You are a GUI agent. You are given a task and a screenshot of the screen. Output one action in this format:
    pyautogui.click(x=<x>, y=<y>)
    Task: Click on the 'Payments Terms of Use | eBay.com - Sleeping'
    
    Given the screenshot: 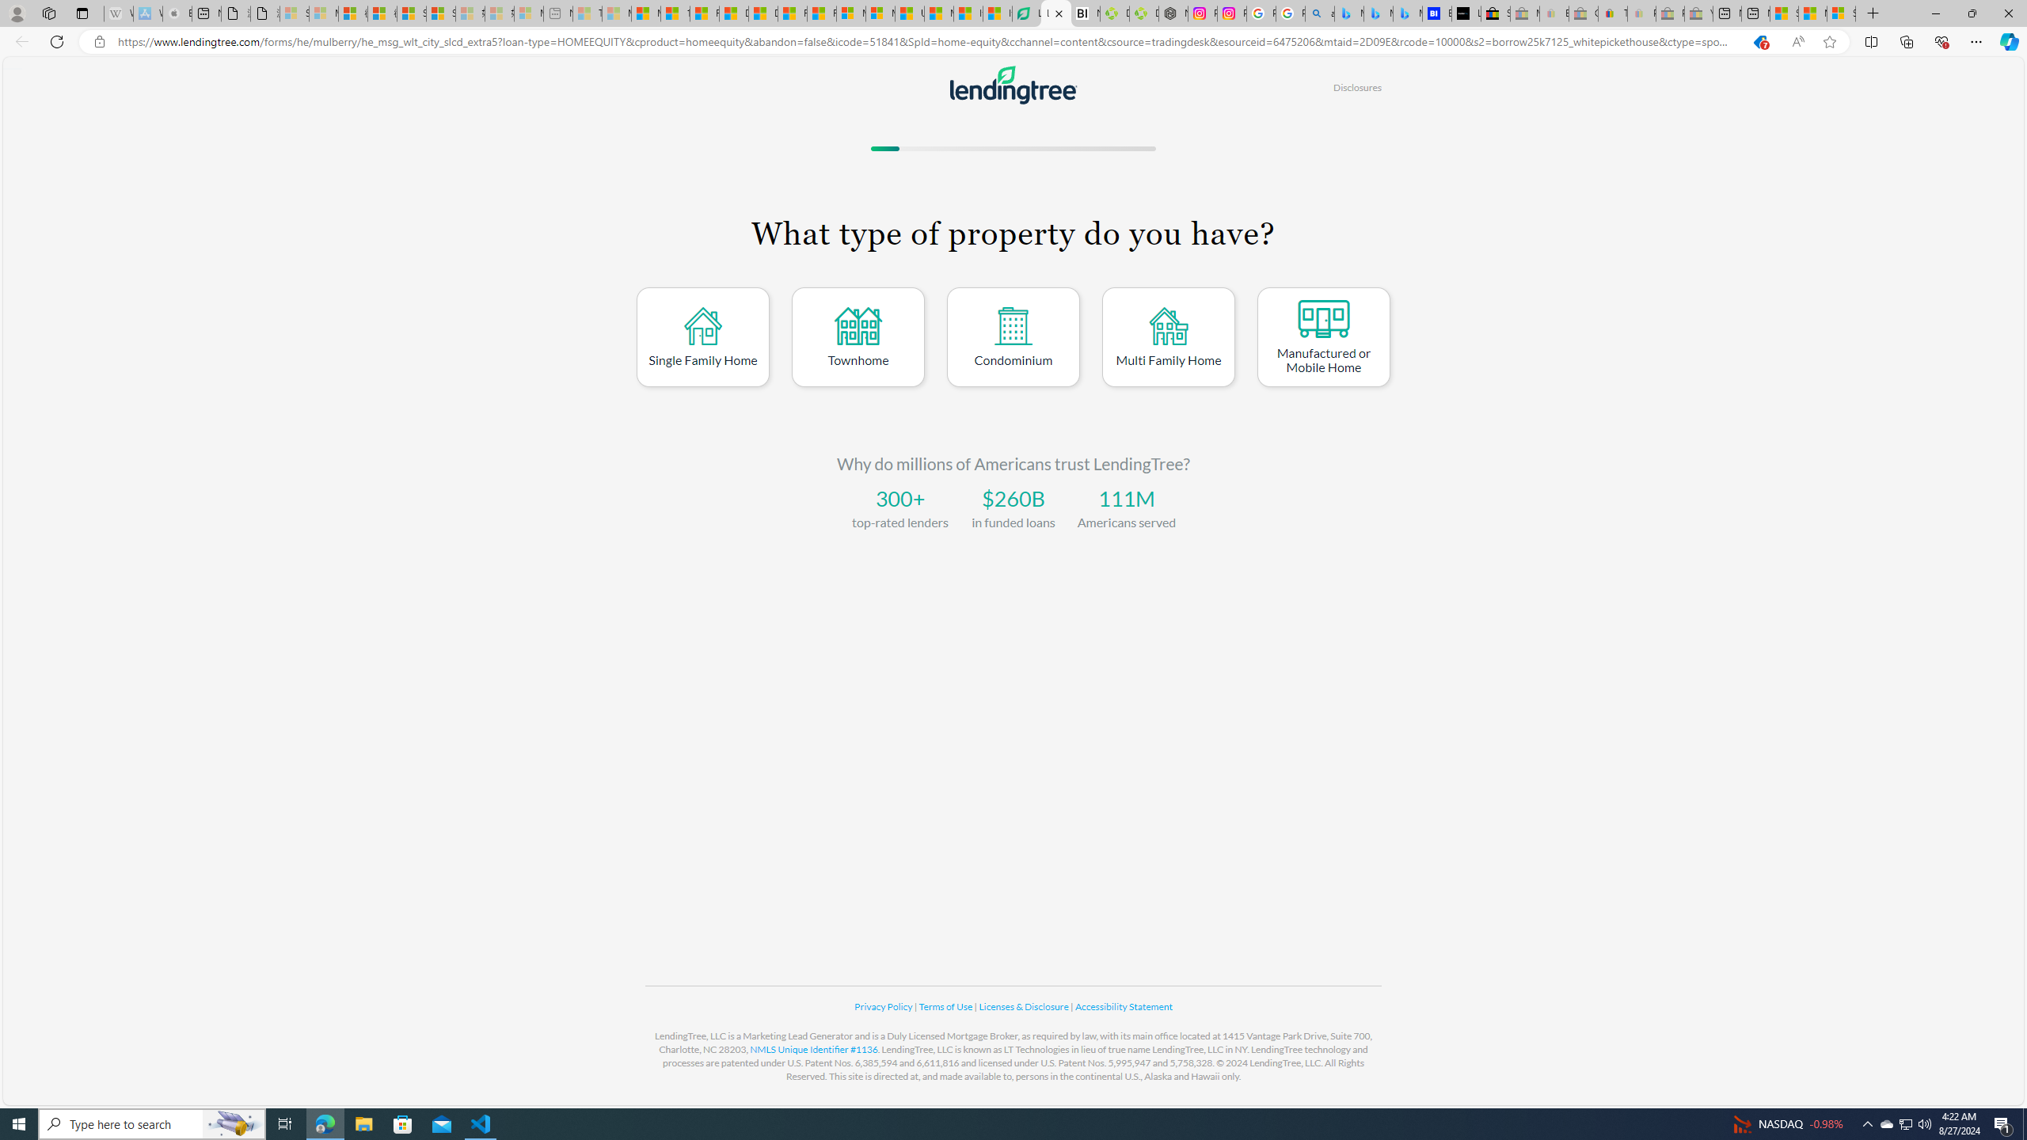 What is the action you would take?
    pyautogui.click(x=1641, y=13)
    